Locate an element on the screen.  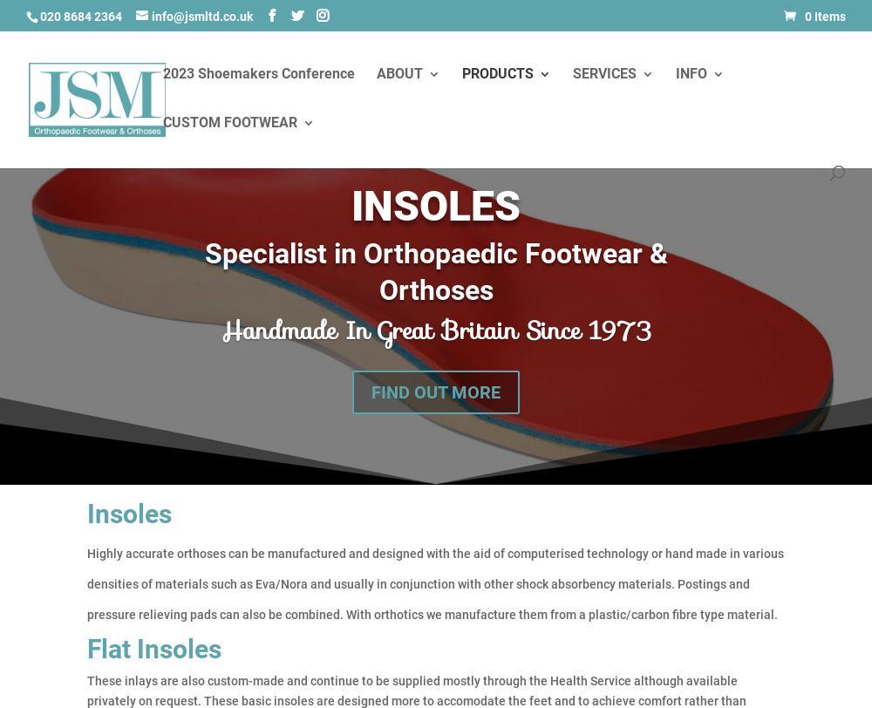
'Leather Splitting or Thinning' is located at coordinates (607, 201).